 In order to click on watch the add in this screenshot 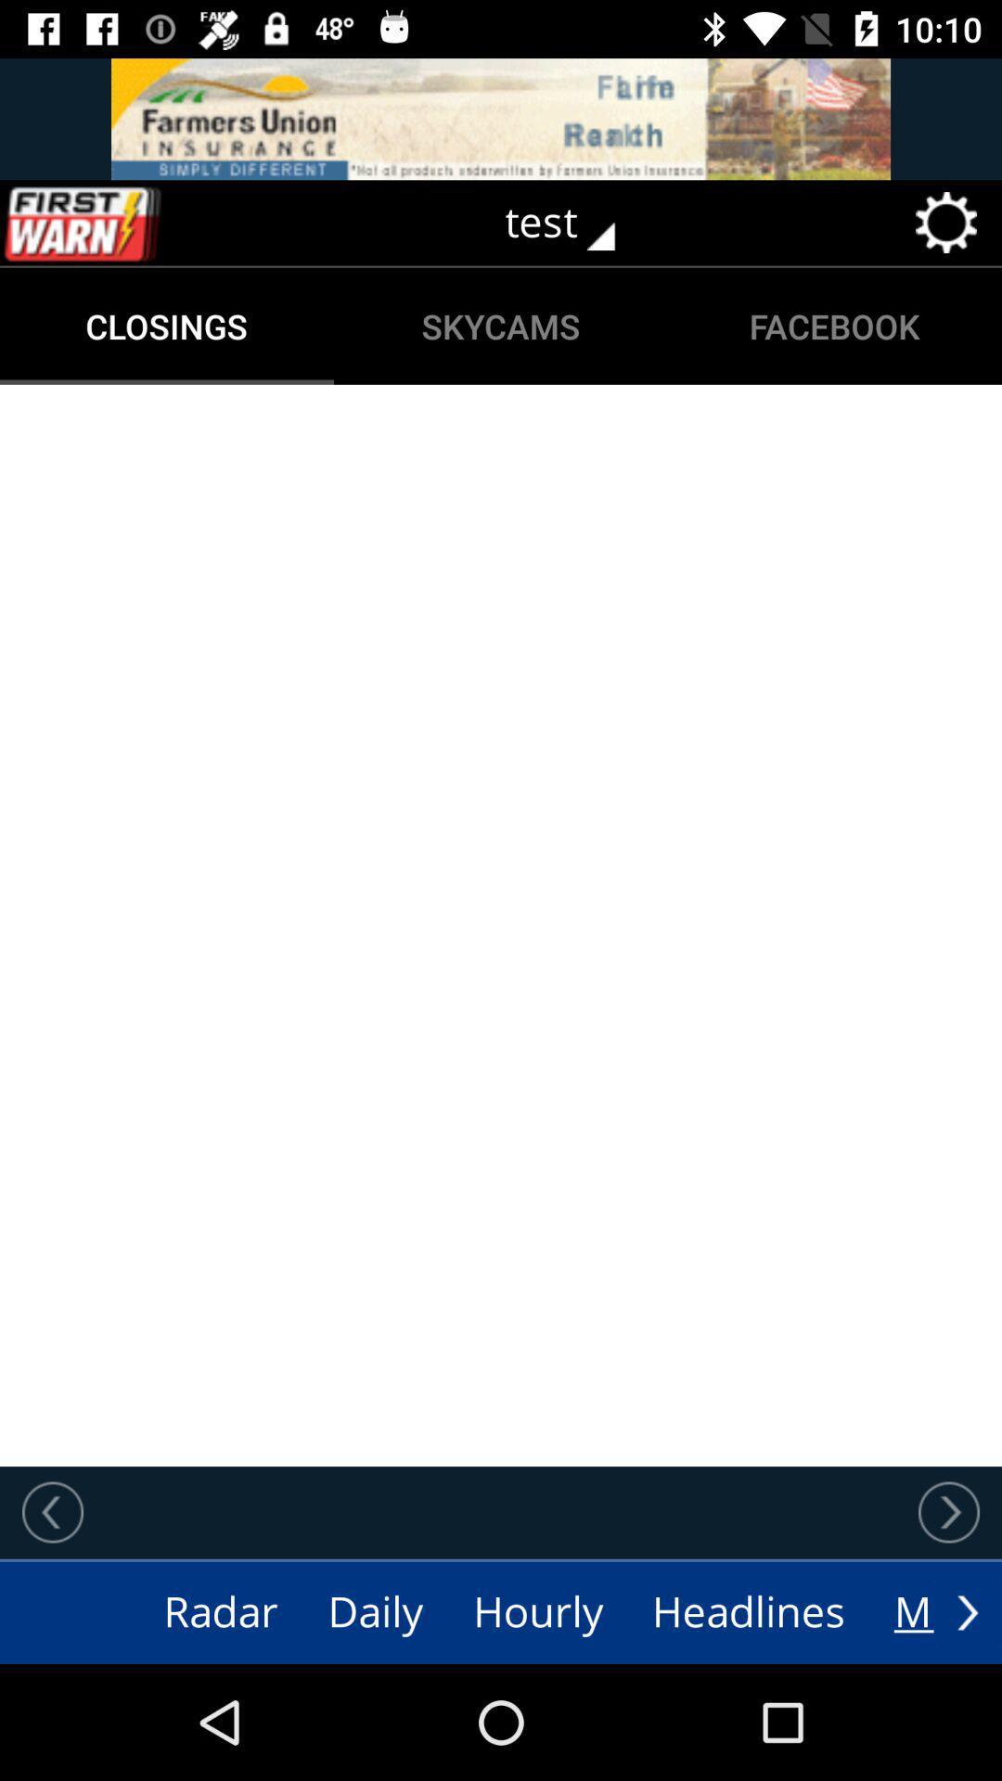, I will do `click(501, 118)`.